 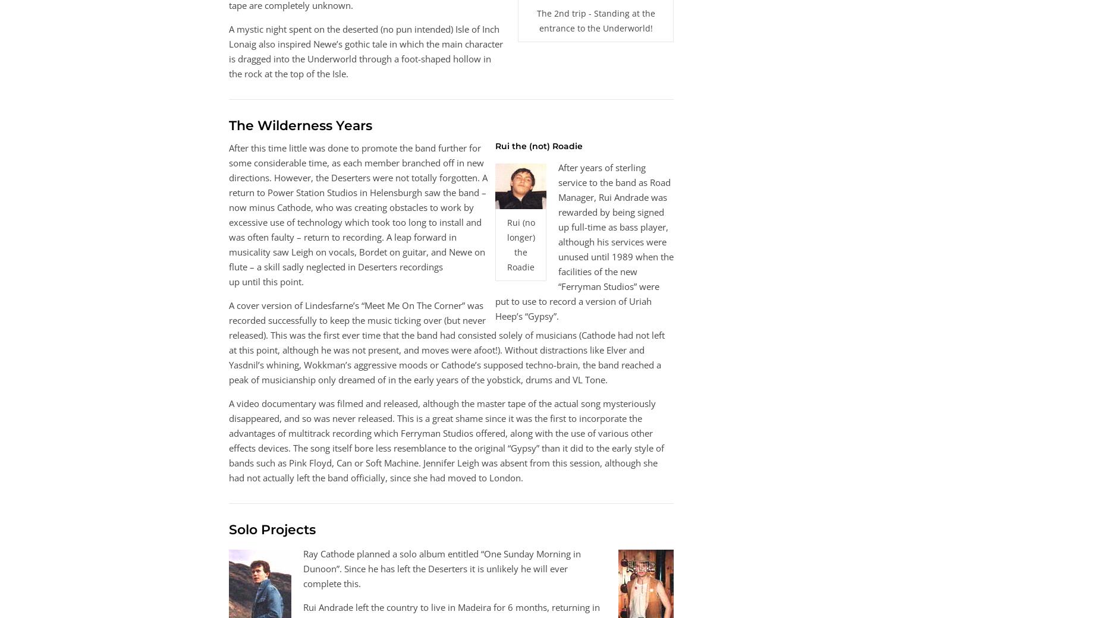 What do you see at coordinates (520, 245) in the screenshot?
I see `'Rui (no longer) the Roadie'` at bounding box center [520, 245].